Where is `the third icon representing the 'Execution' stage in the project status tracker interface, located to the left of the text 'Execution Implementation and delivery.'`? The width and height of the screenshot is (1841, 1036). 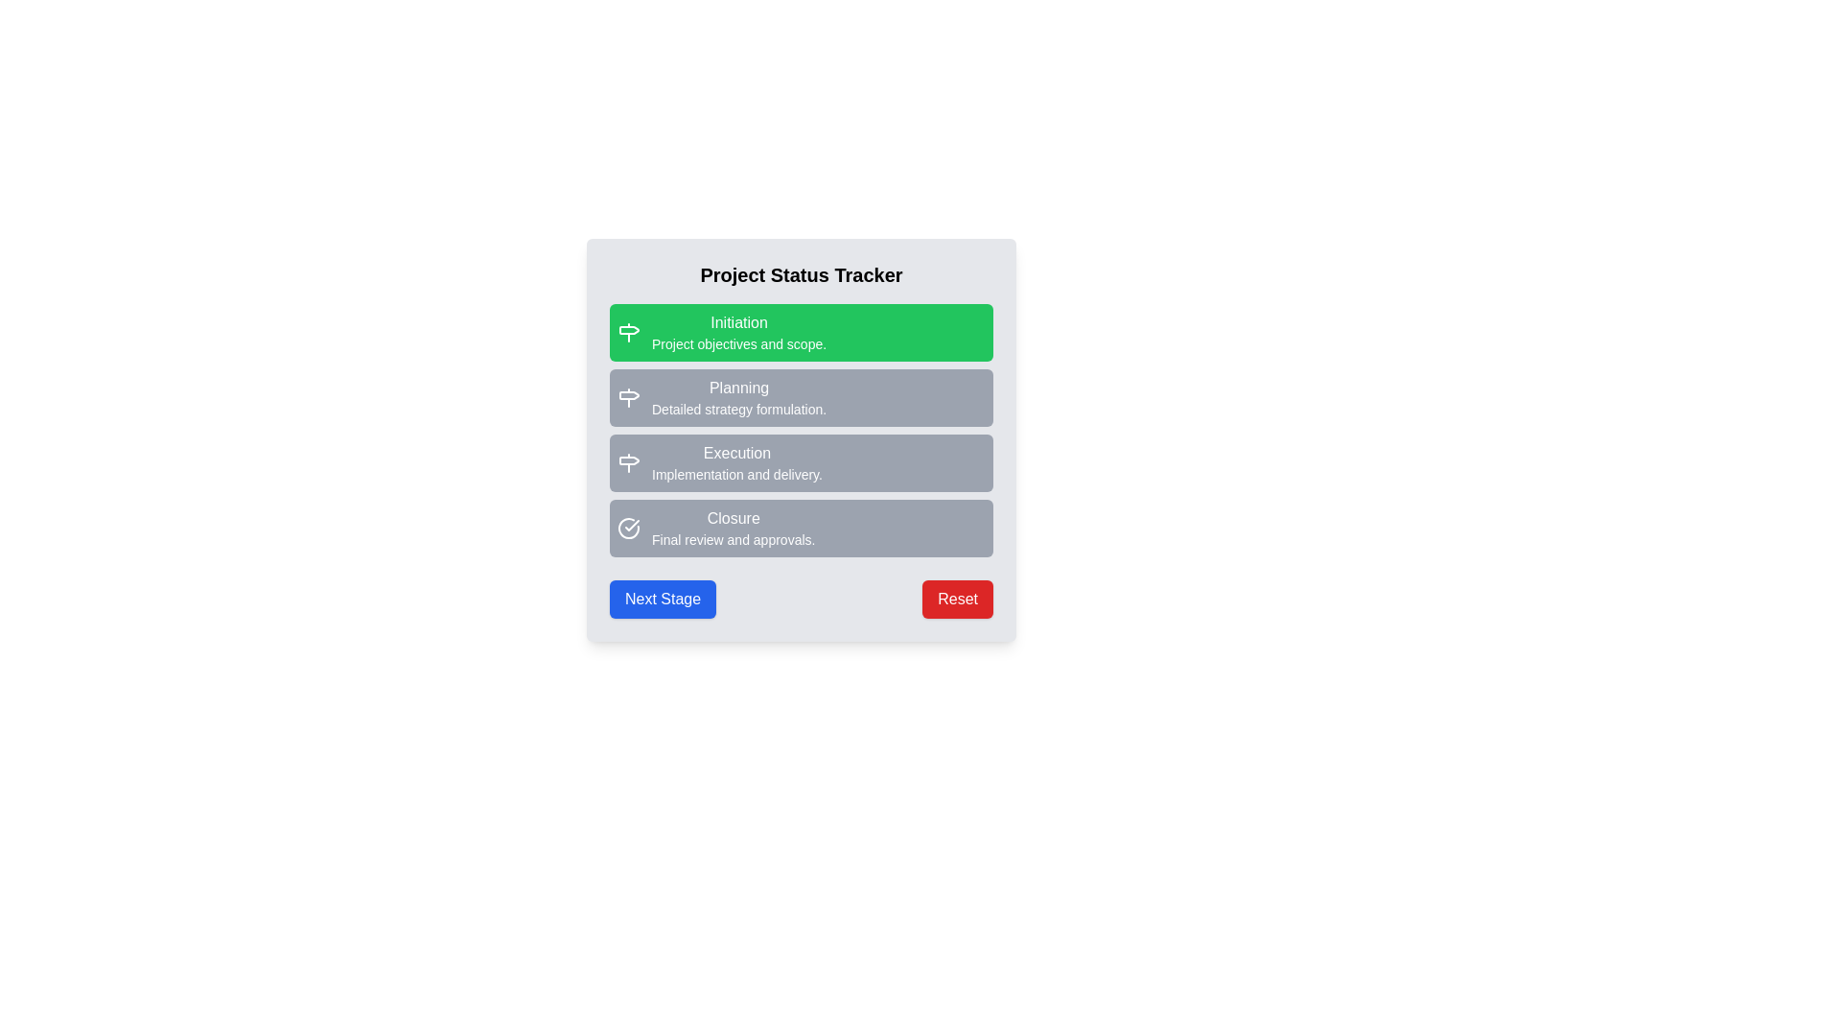 the third icon representing the 'Execution' stage in the project status tracker interface, located to the left of the text 'Execution Implementation and delivery.' is located at coordinates (629, 462).